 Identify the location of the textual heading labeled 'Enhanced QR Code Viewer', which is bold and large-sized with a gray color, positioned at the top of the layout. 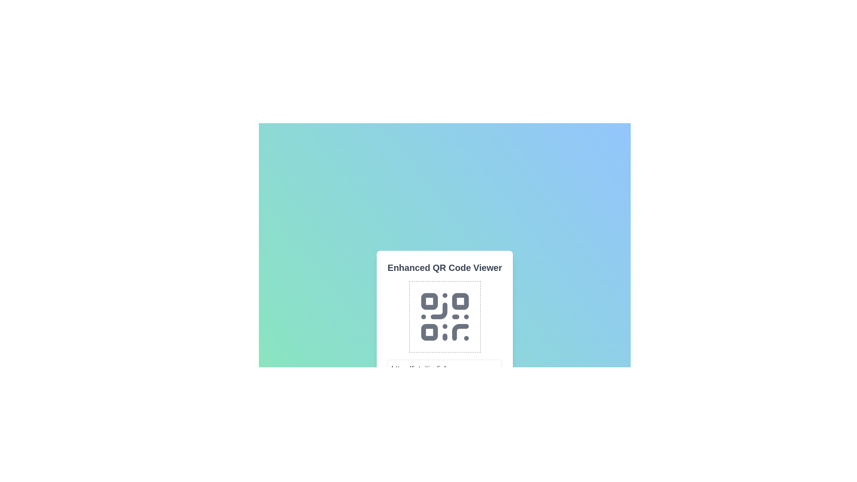
(445, 267).